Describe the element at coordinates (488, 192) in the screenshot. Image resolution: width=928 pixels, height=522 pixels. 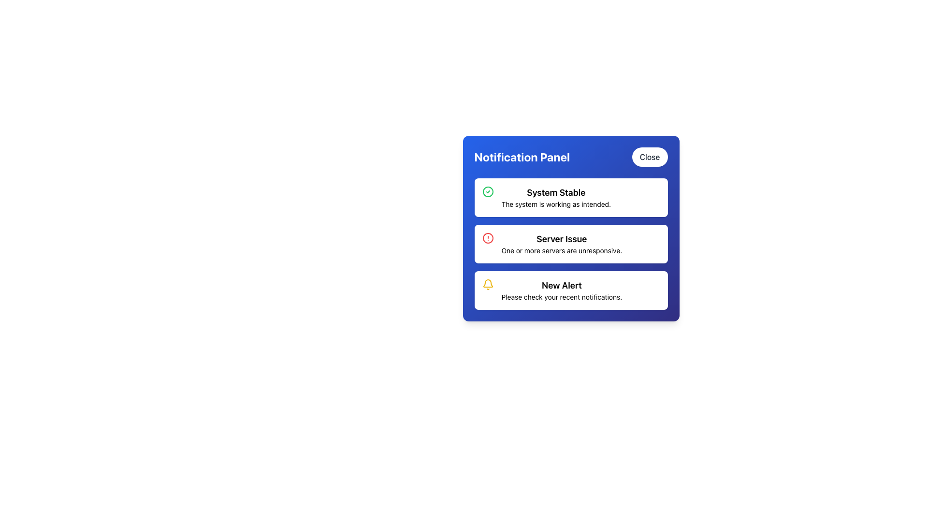
I see `the circular SVG shape that indicates the status of the first notification entry titled 'System Stable' located on the leftmost side of the entry` at that location.